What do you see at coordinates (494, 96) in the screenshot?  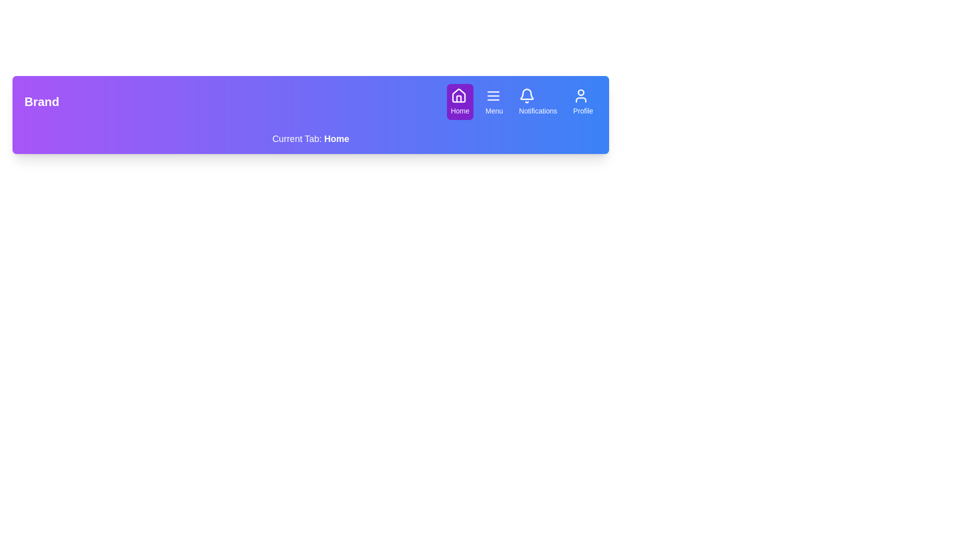 I see `the 'Menu' icon located second from the left in the horizontal navigation bar to trigger a tooltip or visual effect` at bounding box center [494, 96].